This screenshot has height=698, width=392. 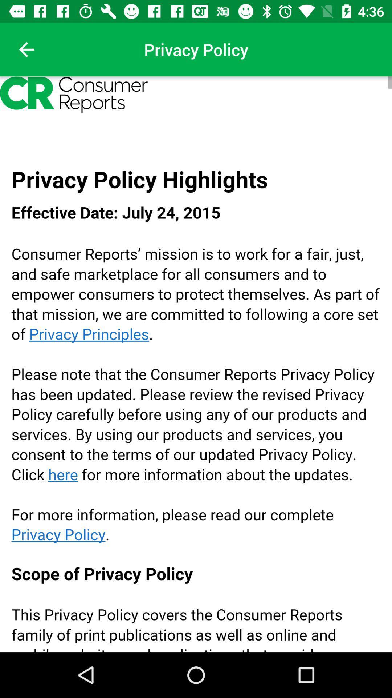 What do you see at coordinates (26, 49) in the screenshot?
I see `go back` at bounding box center [26, 49].